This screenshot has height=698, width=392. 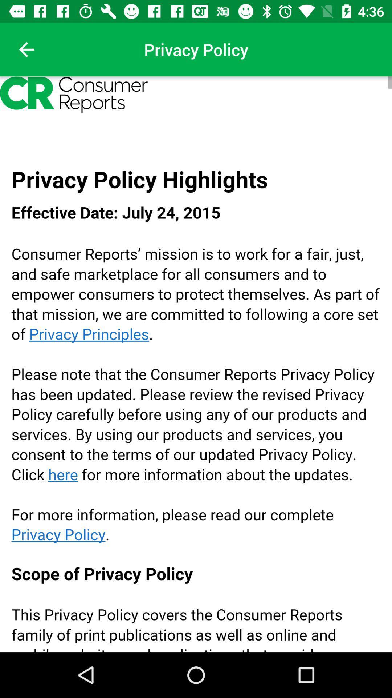 What do you see at coordinates (26, 49) in the screenshot?
I see `go back` at bounding box center [26, 49].